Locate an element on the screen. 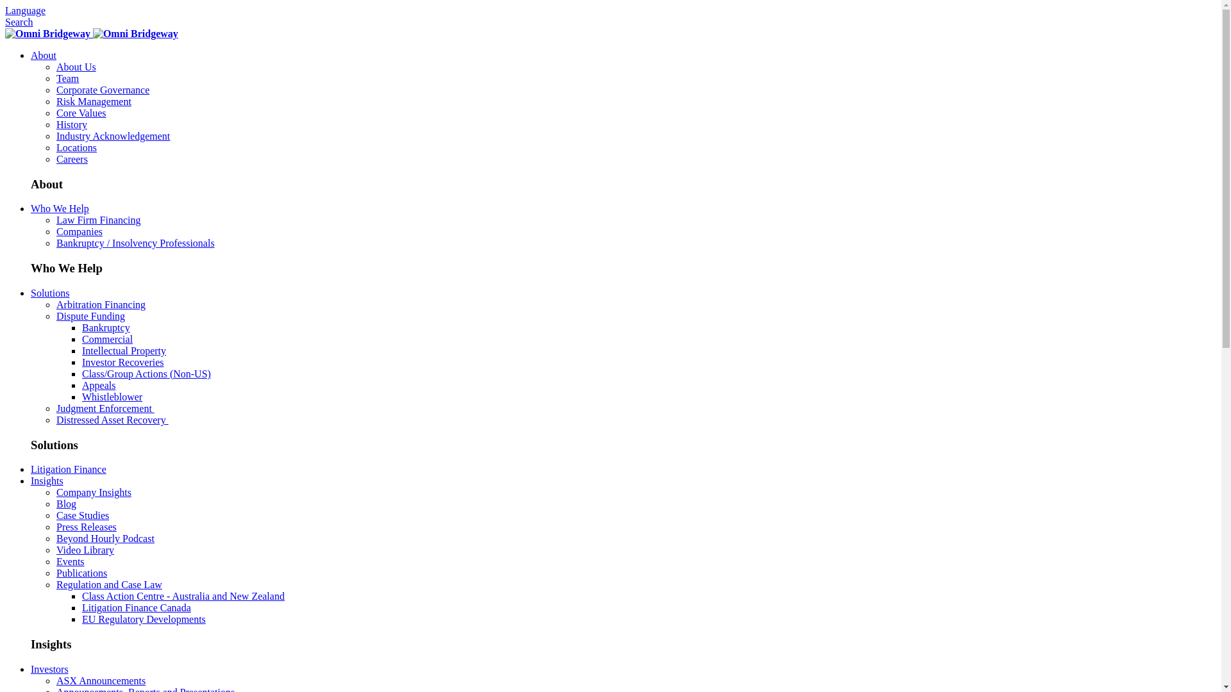  'Insights' is located at coordinates (47, 481).